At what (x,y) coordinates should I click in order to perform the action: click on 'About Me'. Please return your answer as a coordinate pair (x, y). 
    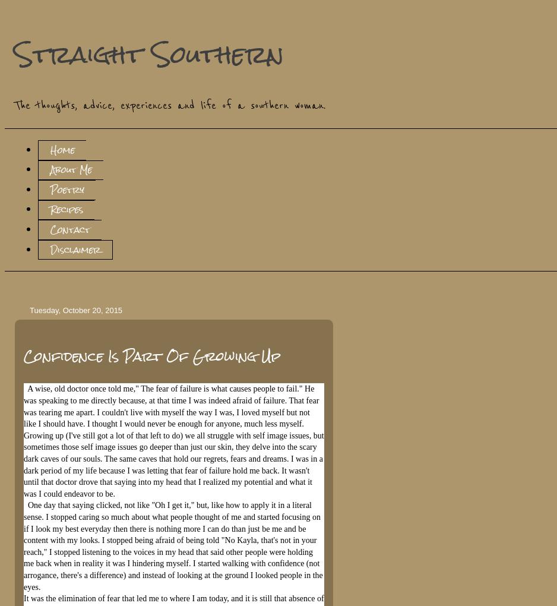
    Looking at the image, I should click on (70, 169).